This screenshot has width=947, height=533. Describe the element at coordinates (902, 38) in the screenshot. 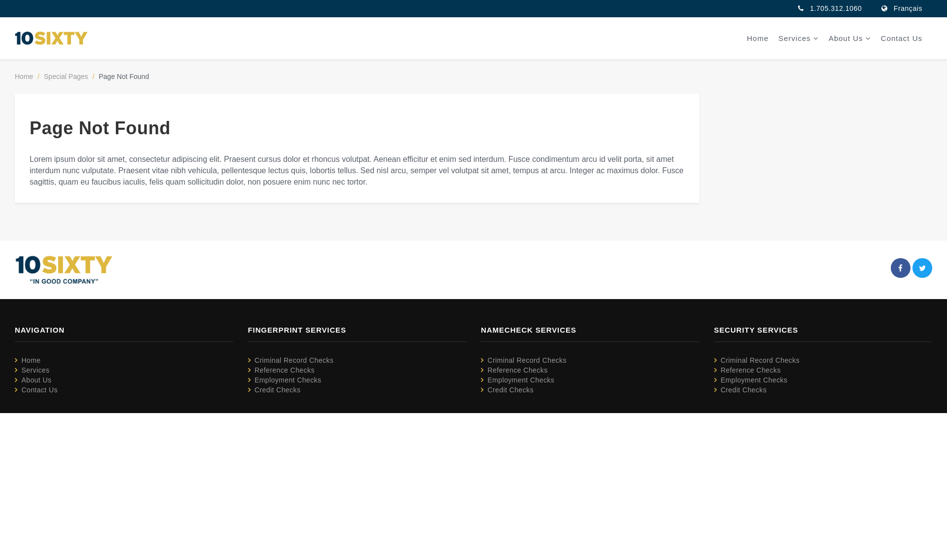

I see `'Contact Us'` at that location.